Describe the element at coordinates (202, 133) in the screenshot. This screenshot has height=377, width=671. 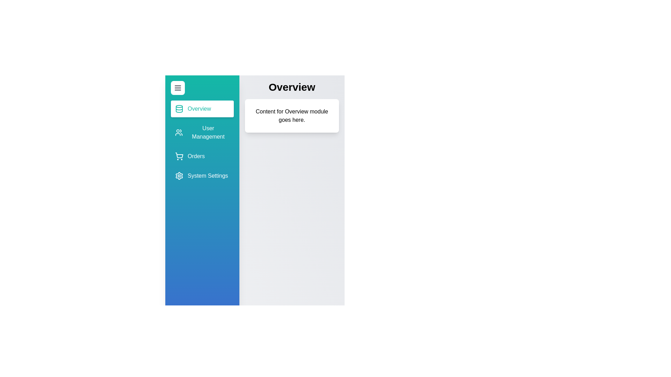
I see `the sidebar item corresponding to User Management` at that location.